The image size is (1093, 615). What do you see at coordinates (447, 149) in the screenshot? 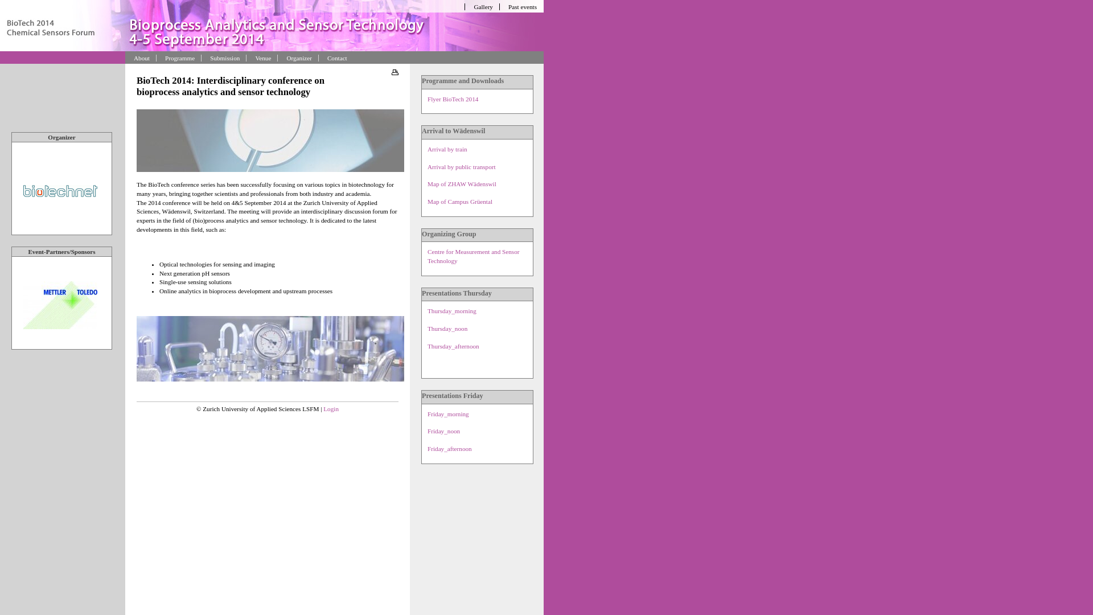
I see `'Arrival by train'` at bounding box center [447, 149].